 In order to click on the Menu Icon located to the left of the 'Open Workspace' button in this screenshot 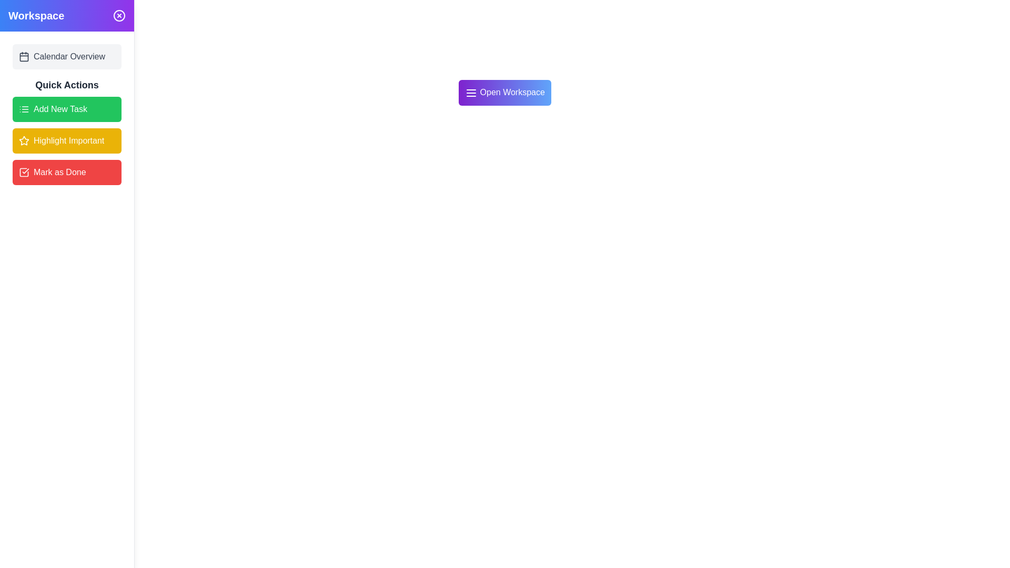, I will do `click(471, 92)`.